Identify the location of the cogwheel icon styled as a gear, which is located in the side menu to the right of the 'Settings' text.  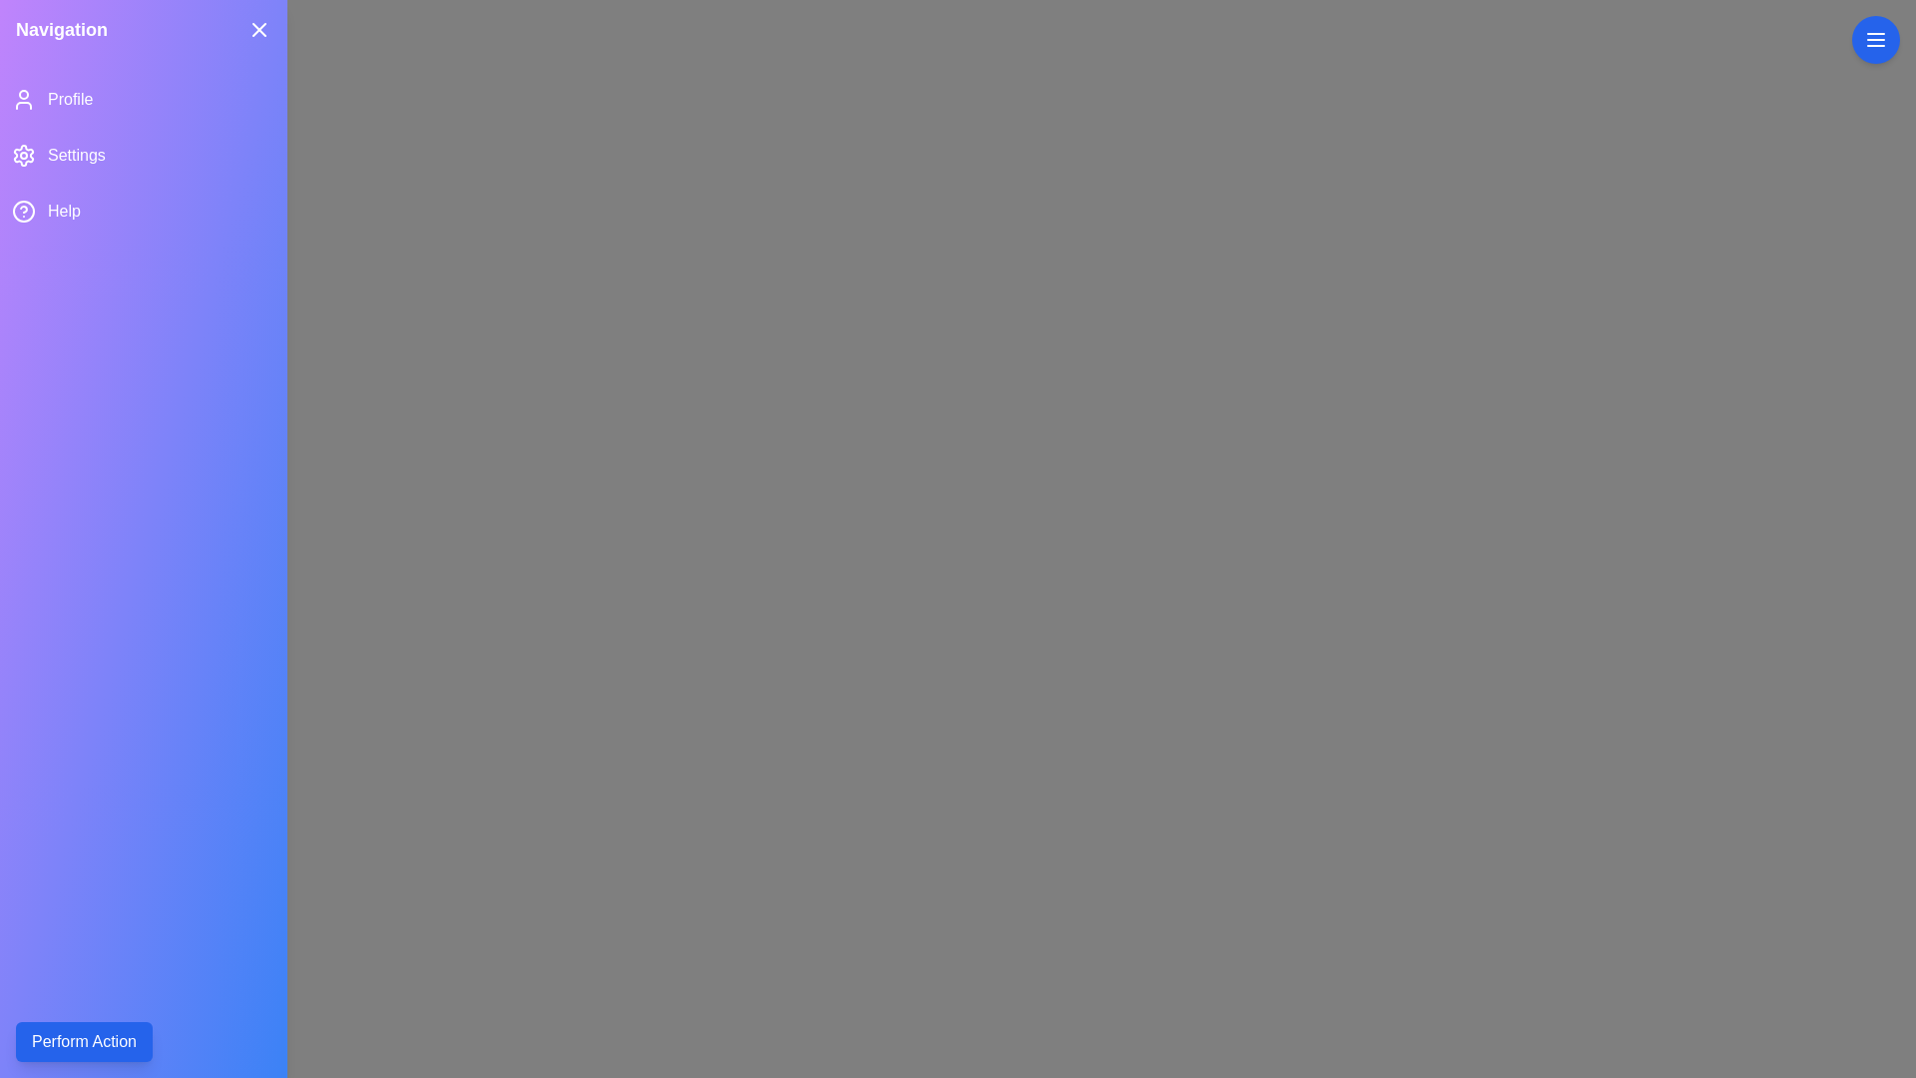
(23, 154).